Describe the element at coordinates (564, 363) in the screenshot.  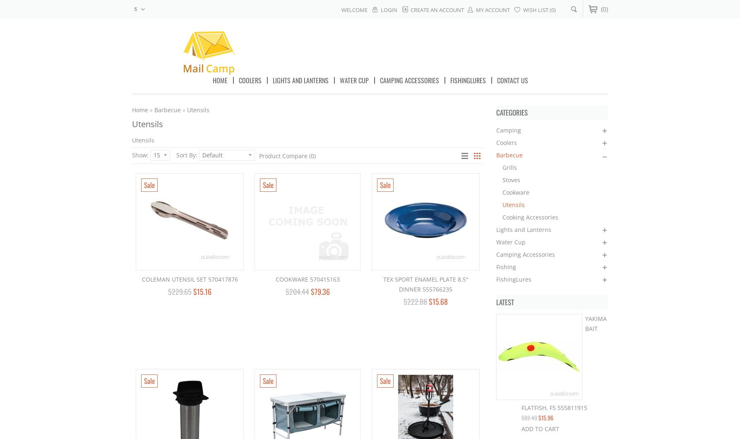
I see `'Yakima Bait Flatfish, F5   555811915'` at that location.